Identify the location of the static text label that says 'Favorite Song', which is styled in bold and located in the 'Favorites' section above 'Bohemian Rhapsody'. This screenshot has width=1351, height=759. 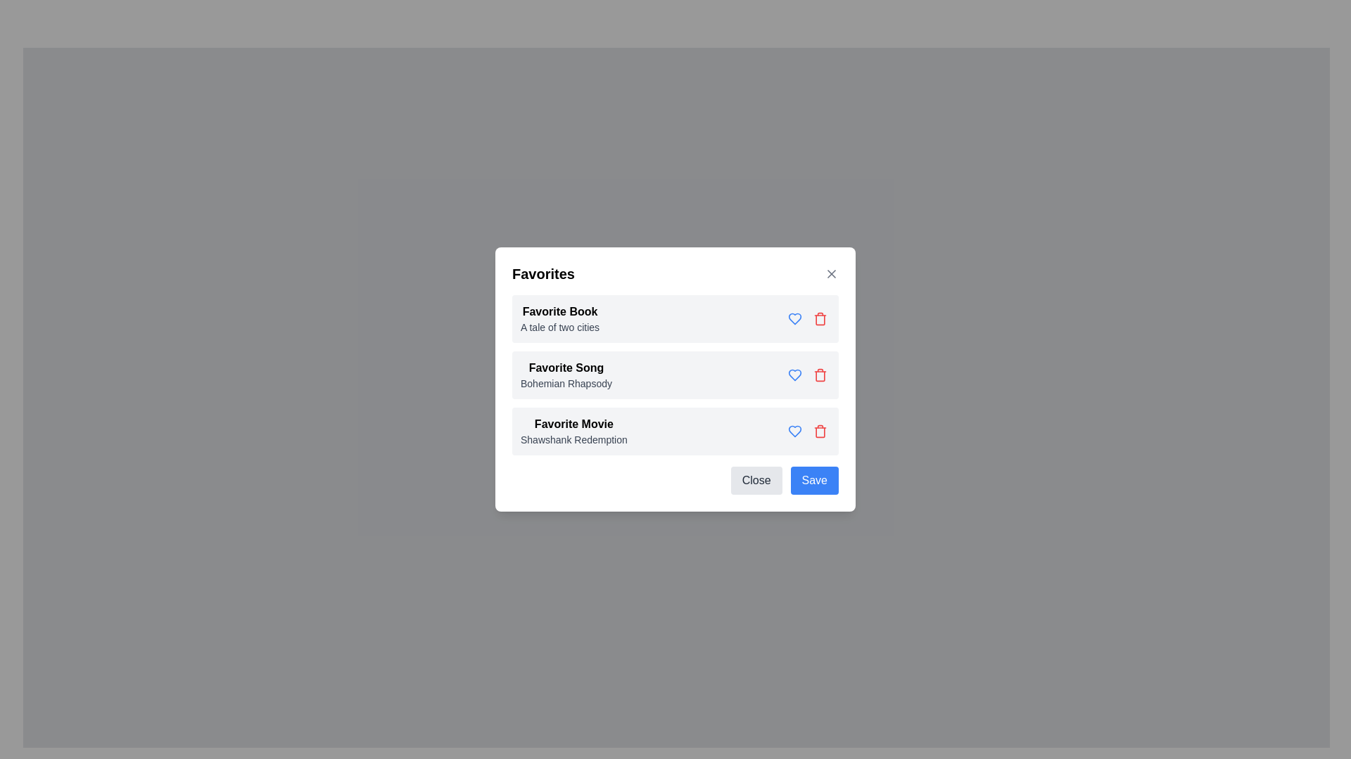
(566, 368).